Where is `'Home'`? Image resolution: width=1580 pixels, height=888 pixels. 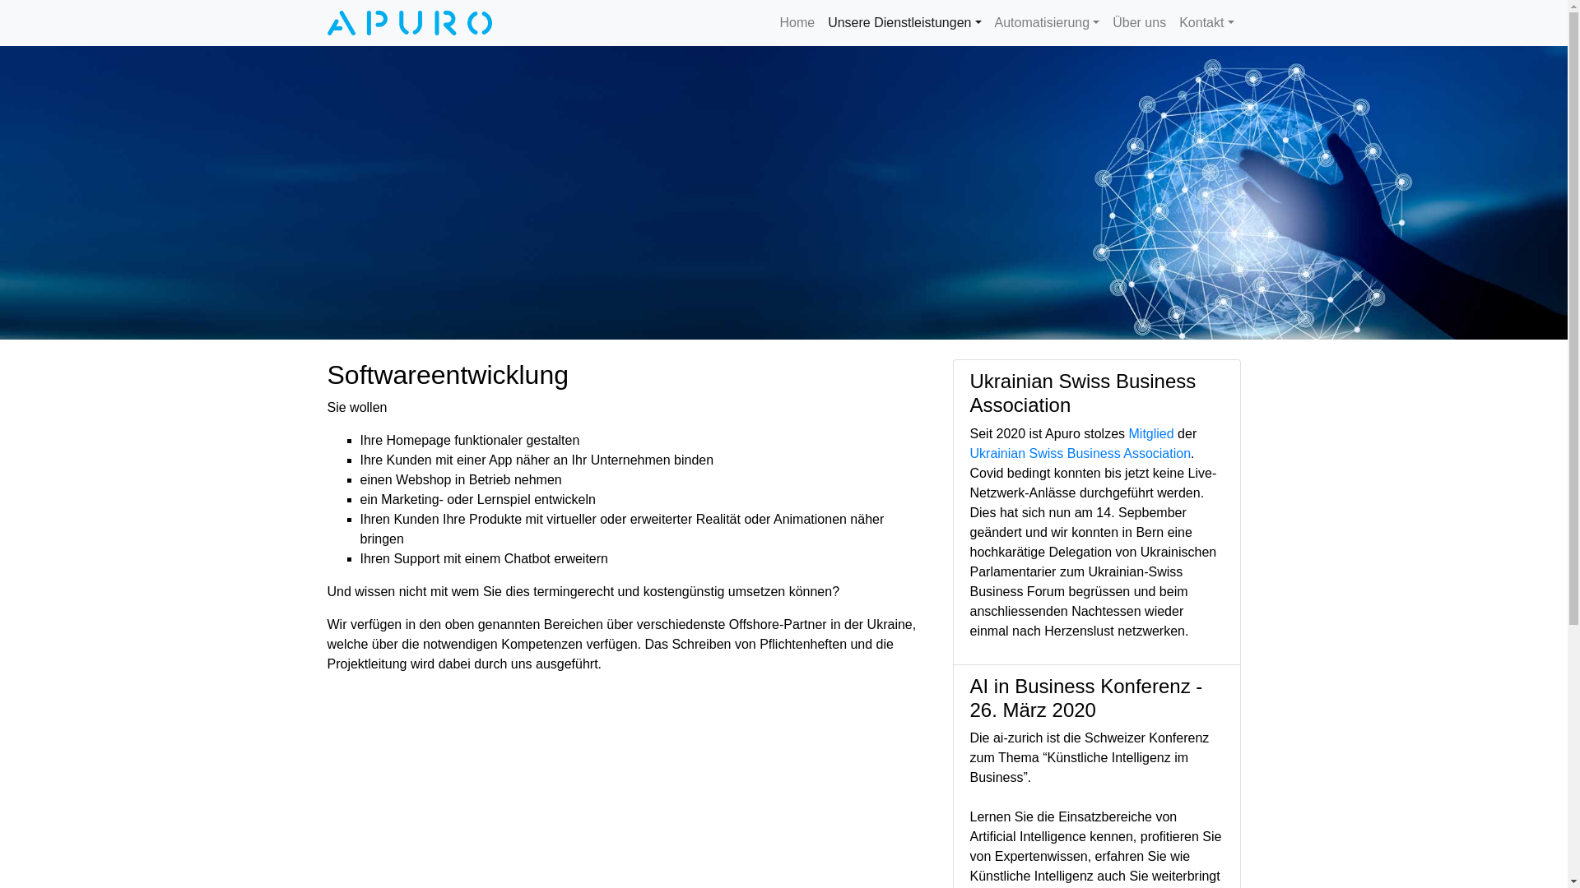 'Home' is located at coordinates (772, 22).